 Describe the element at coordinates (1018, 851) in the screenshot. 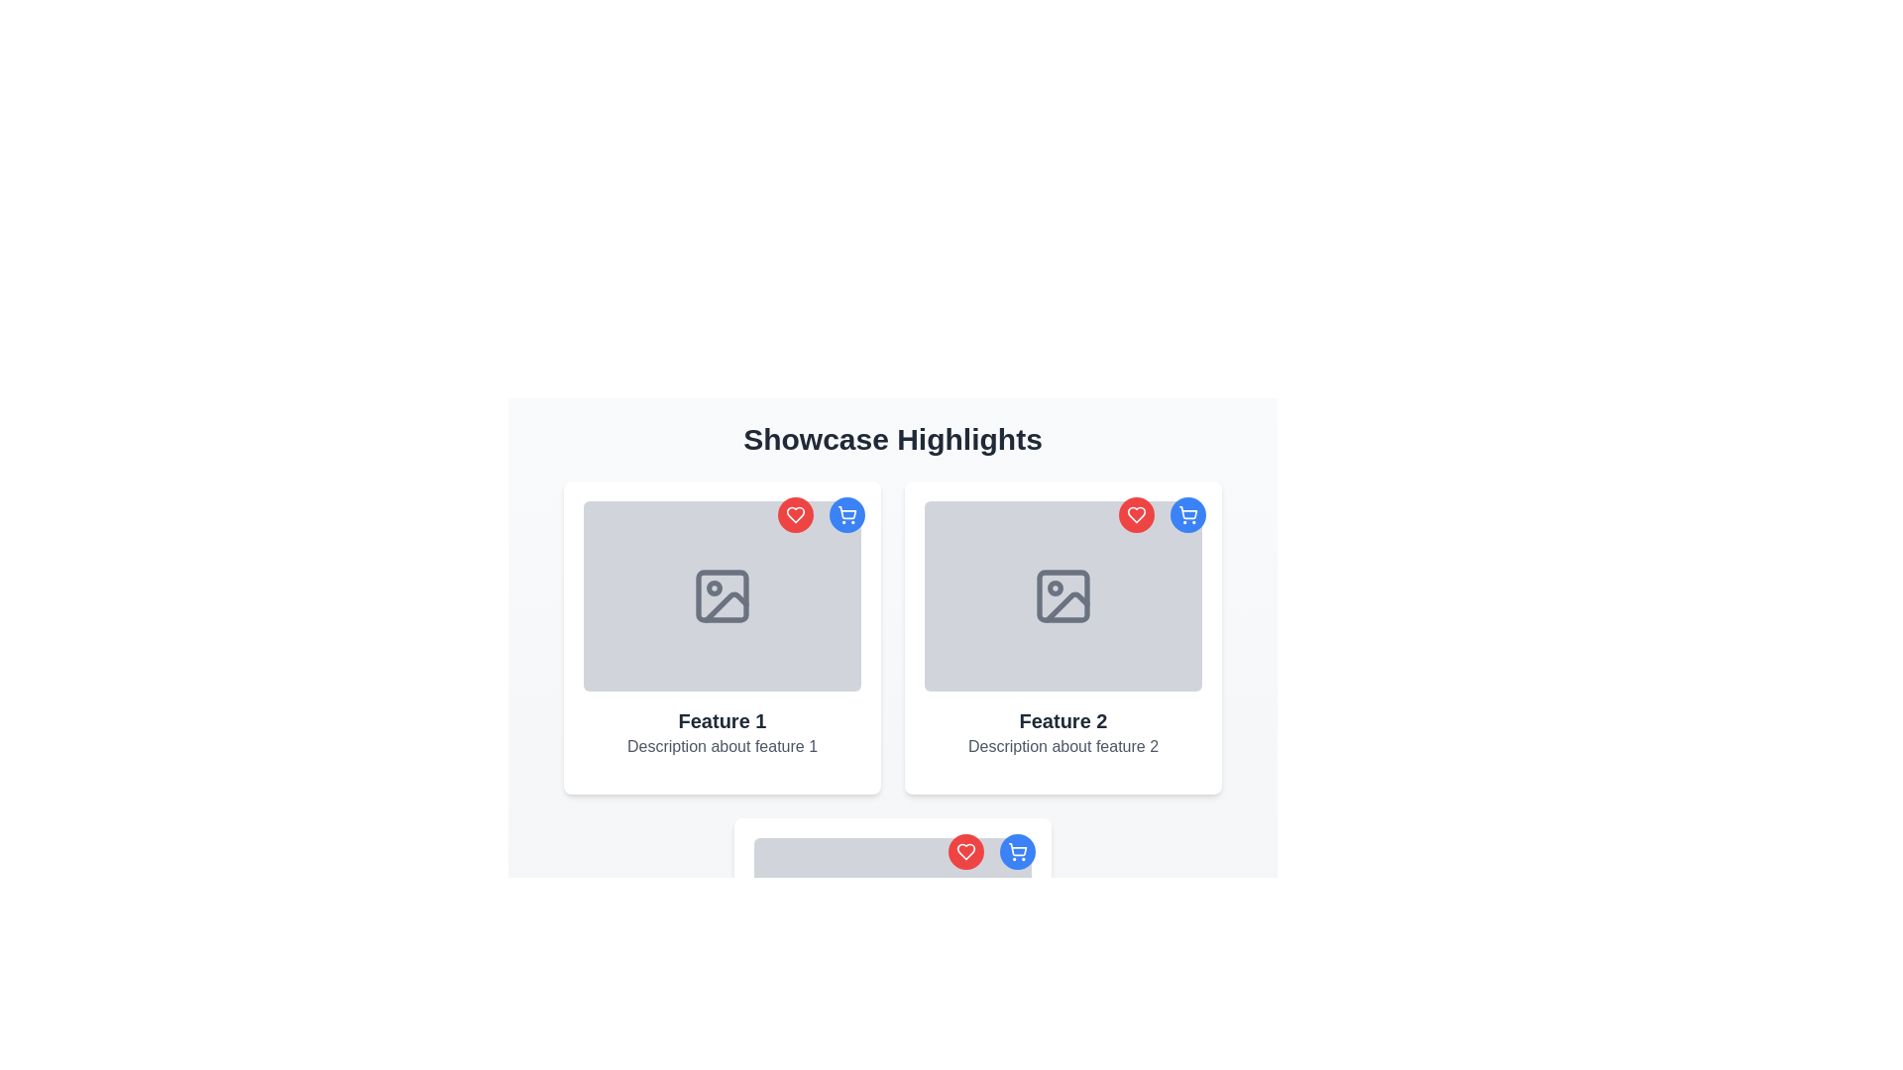

I see `the circular blue button with a shopping cart icon located at the top-right corner of the feature card` at that location.